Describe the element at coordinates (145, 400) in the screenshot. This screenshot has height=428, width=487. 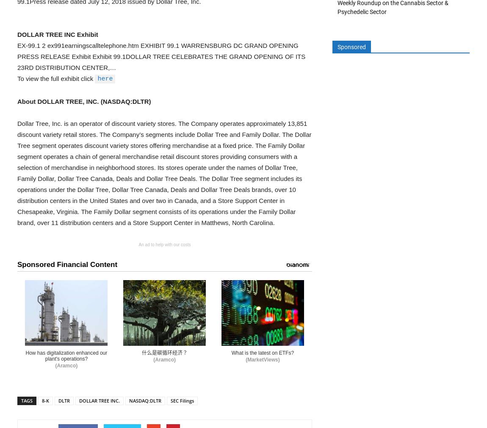
I see `'NASDAQ:DLTR'` at that location.